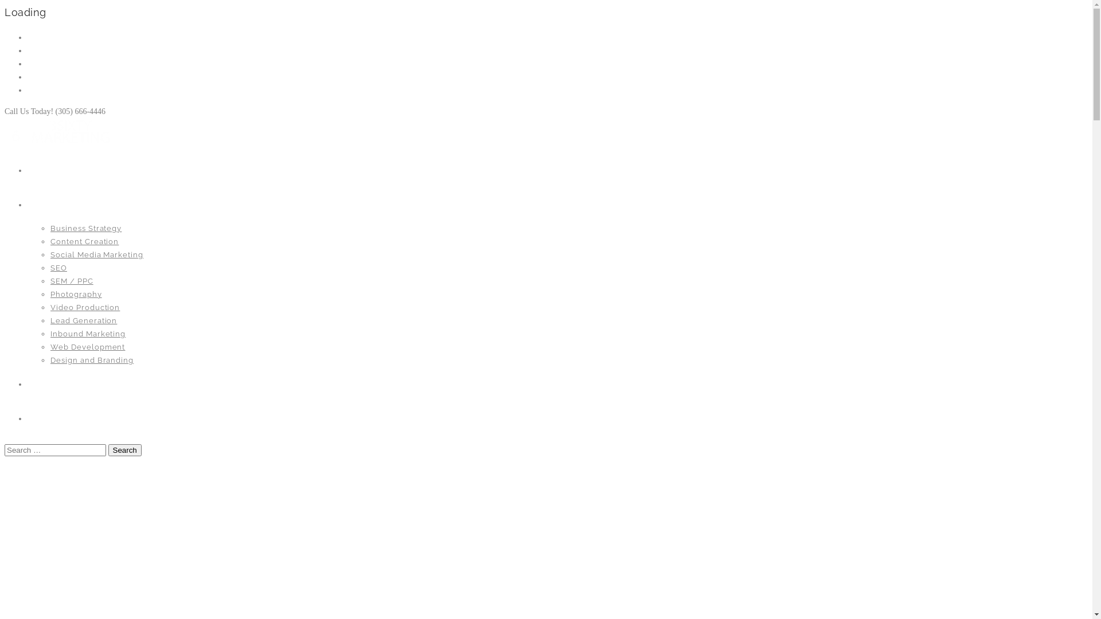 The height and width of the screenshot is (619, 1101). I want to click on 'Search', so click(124, 449).